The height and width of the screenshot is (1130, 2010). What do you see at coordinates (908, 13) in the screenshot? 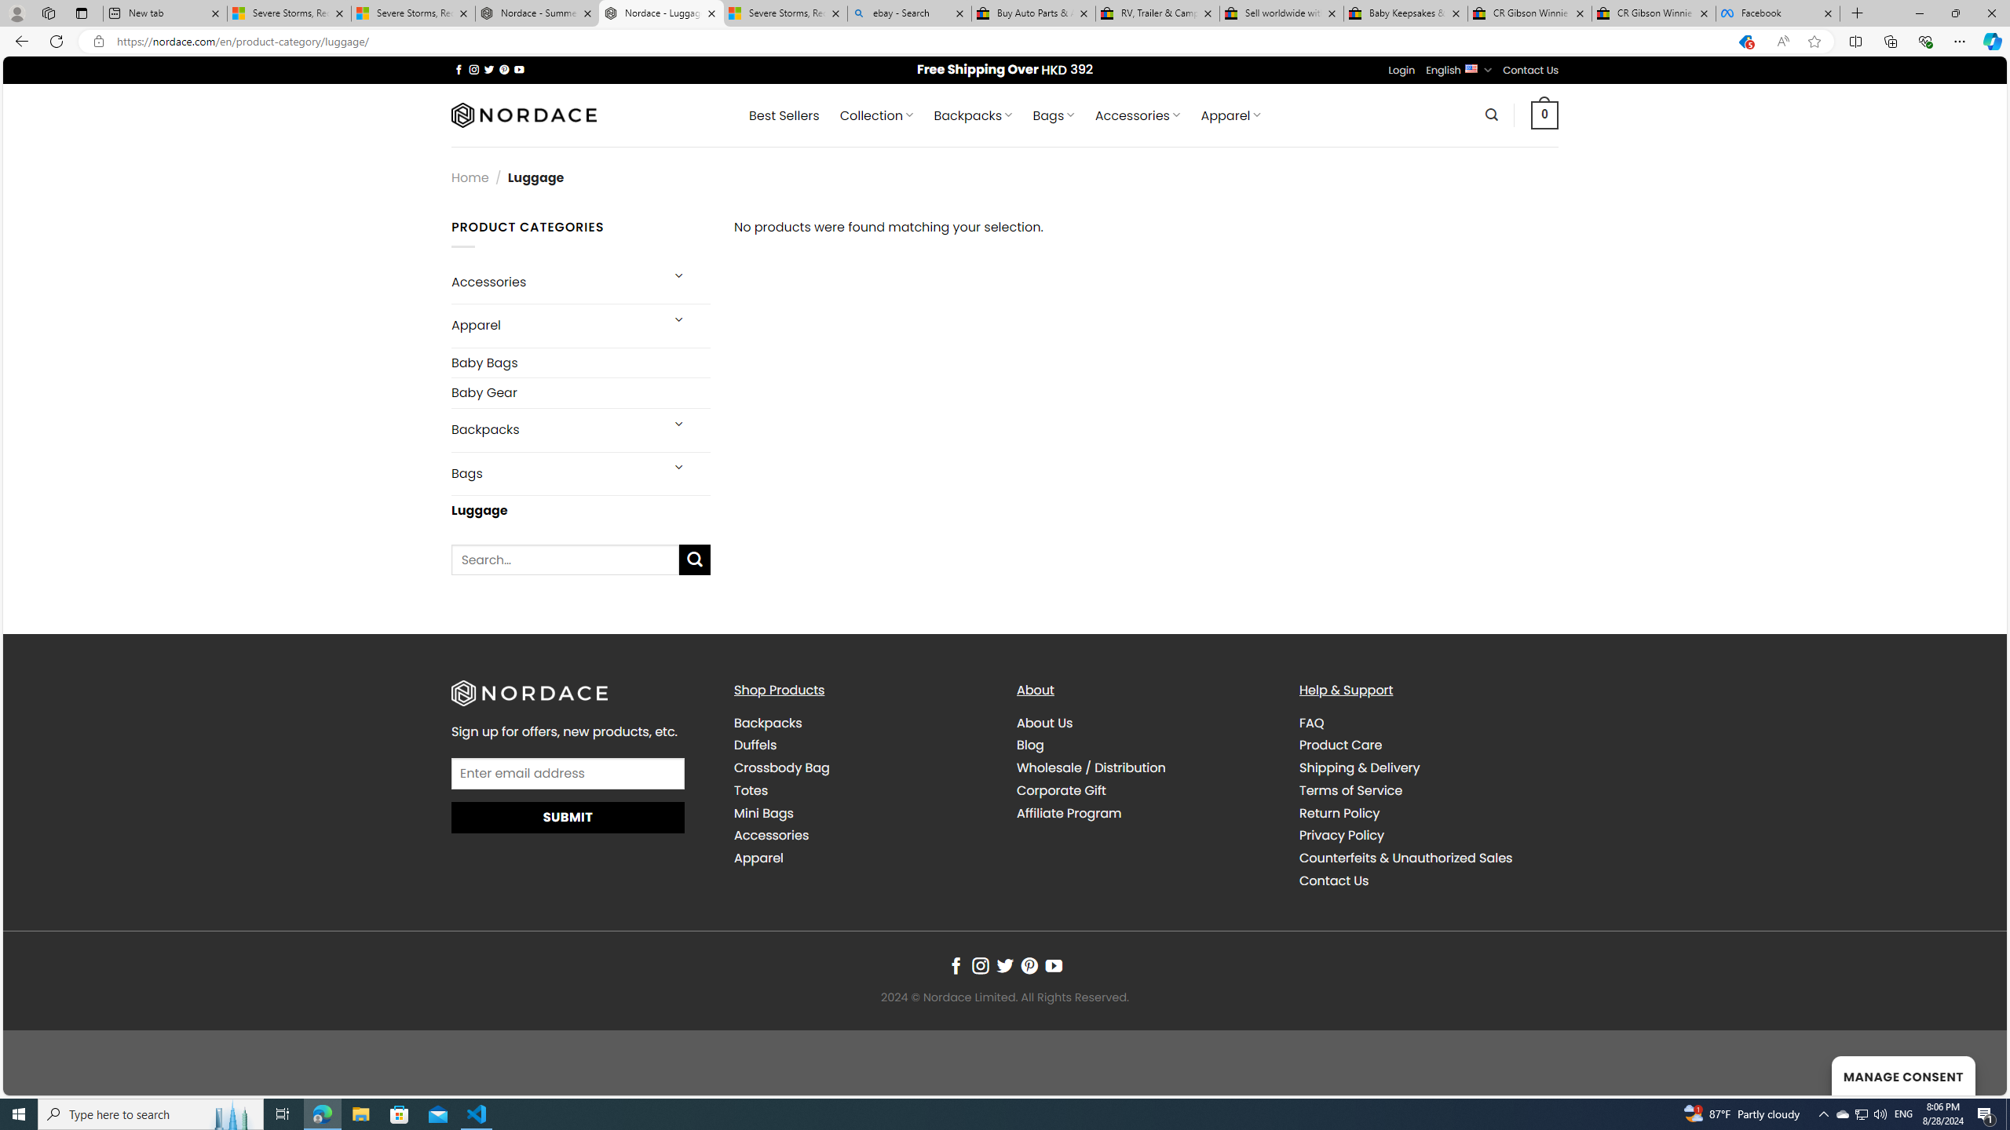
I see `'ebay - Search'` at bounding box center [908, 13].